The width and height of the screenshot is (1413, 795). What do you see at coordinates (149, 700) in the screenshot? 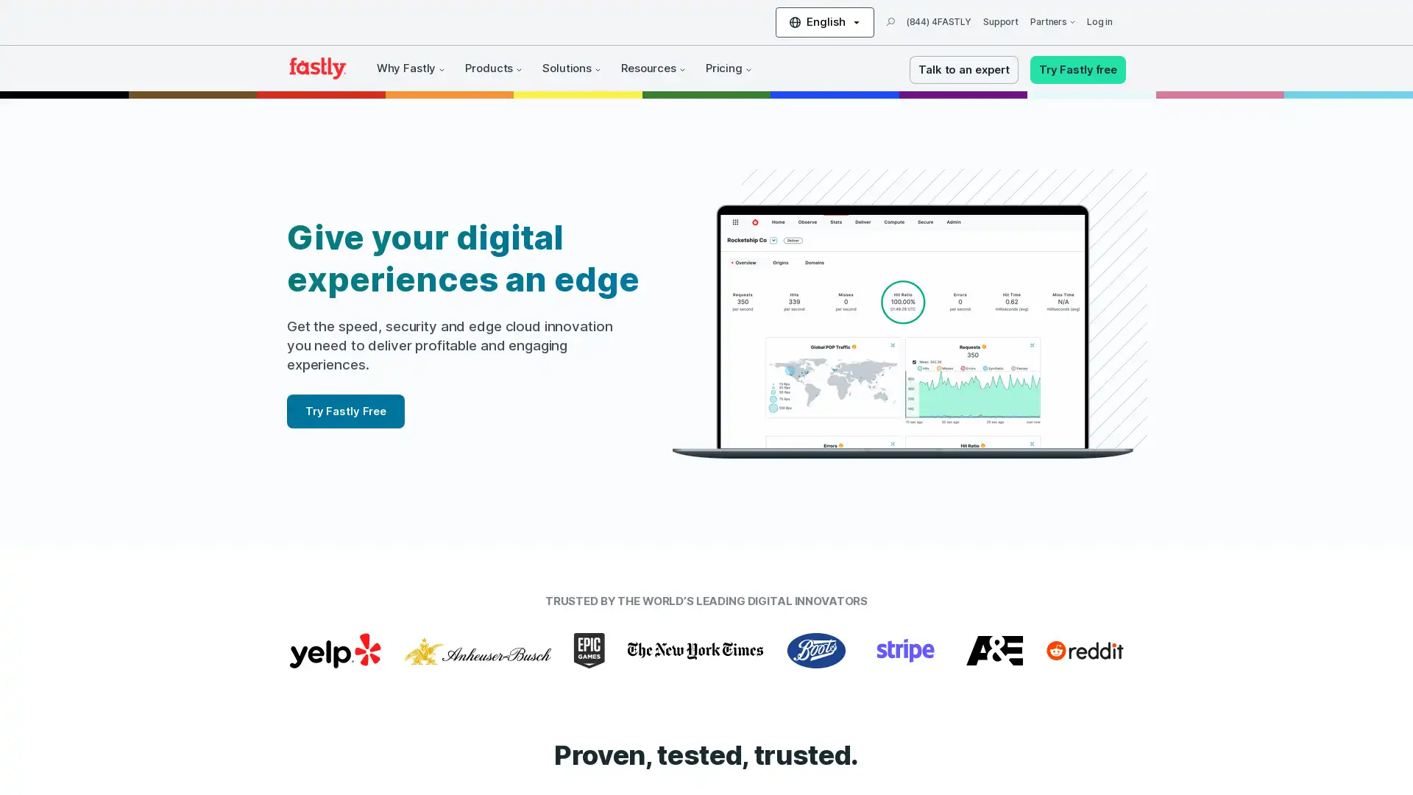
I see `Yes` at bounding box center [149, 700].